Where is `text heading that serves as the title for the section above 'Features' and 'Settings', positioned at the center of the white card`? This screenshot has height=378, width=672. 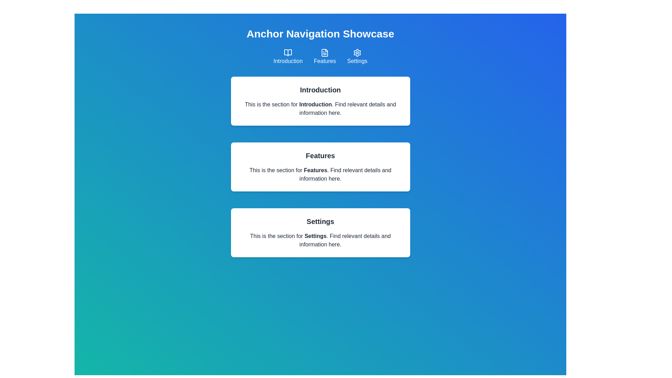 text heading that serves as the title for the section above 'Features' and 'Settings', positioned at the center of the white card is located at coordinates (315, 104).